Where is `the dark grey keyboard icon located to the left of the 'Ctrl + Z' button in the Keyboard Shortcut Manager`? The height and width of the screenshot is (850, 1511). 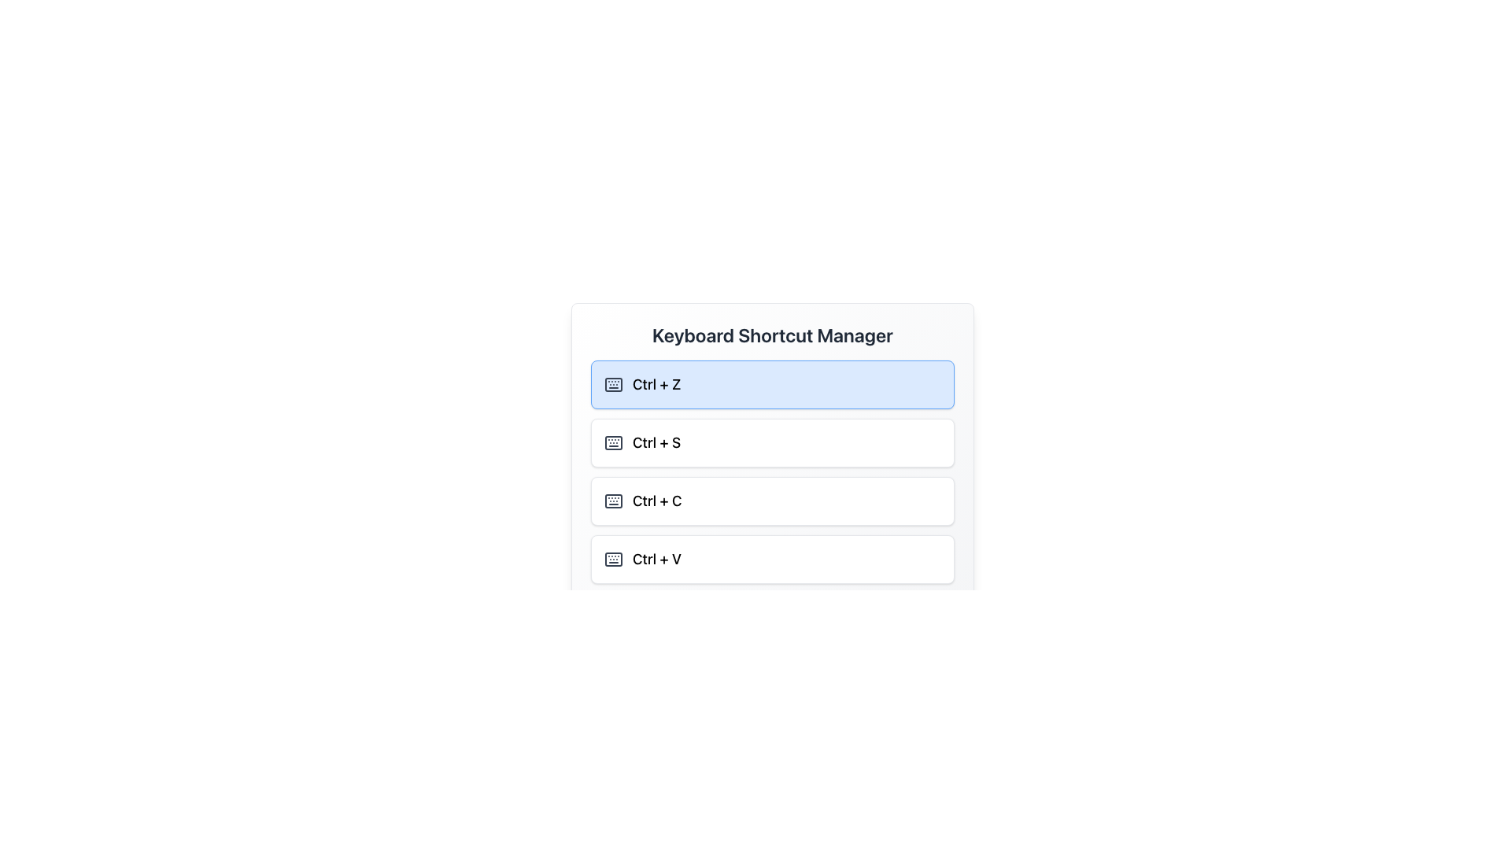
the dark grey keyboard icon located to the left of the 'Ctrl + Z' button in the Keyboard Shortcut Manager is located at coordinates (612, 385).